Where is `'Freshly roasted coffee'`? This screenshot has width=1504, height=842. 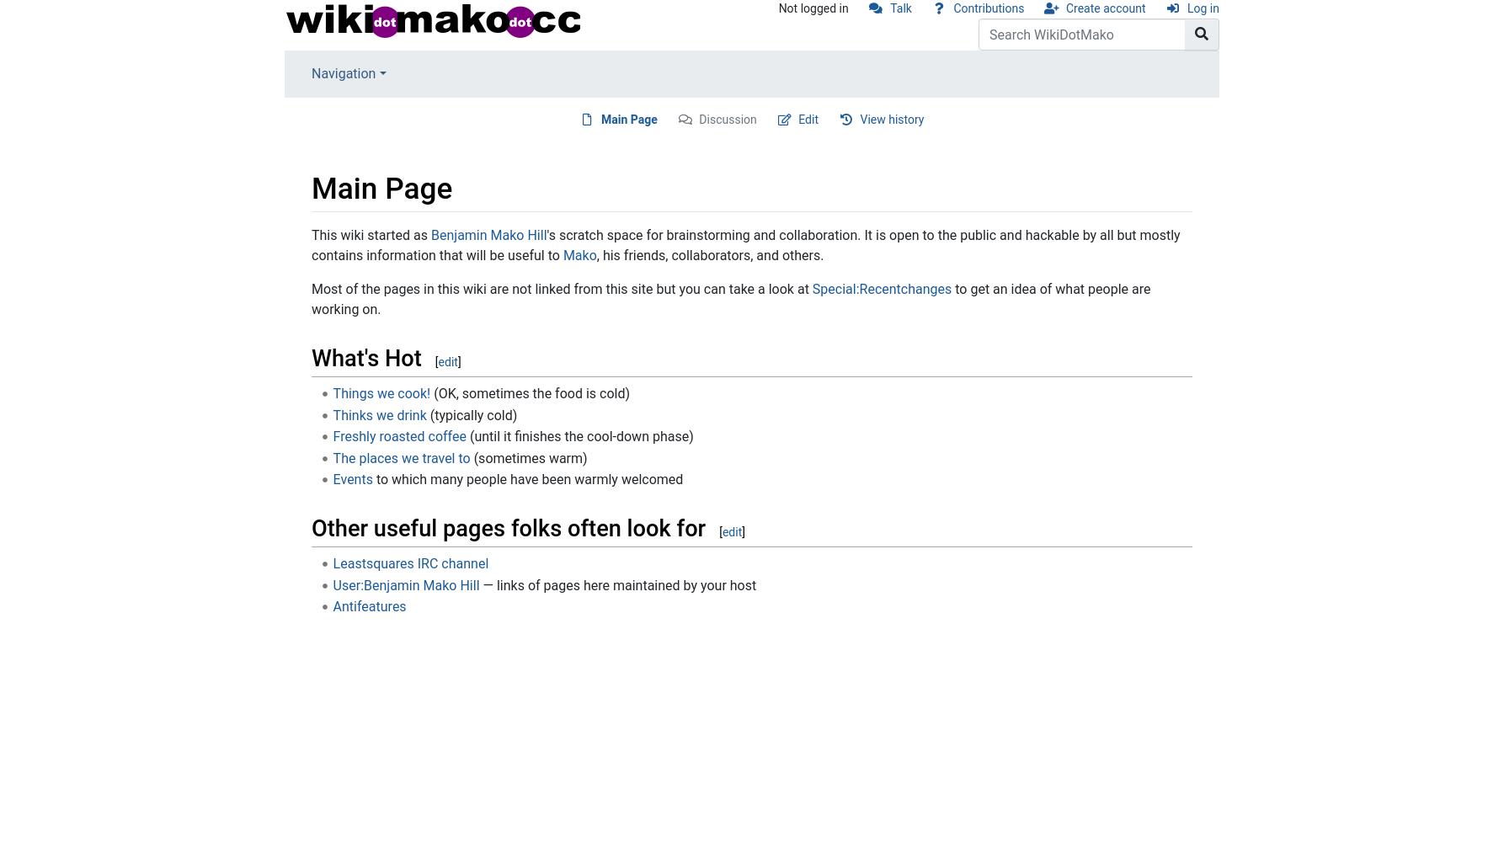
'Freshly roasted coffee' is located at coordinates (398, 436).